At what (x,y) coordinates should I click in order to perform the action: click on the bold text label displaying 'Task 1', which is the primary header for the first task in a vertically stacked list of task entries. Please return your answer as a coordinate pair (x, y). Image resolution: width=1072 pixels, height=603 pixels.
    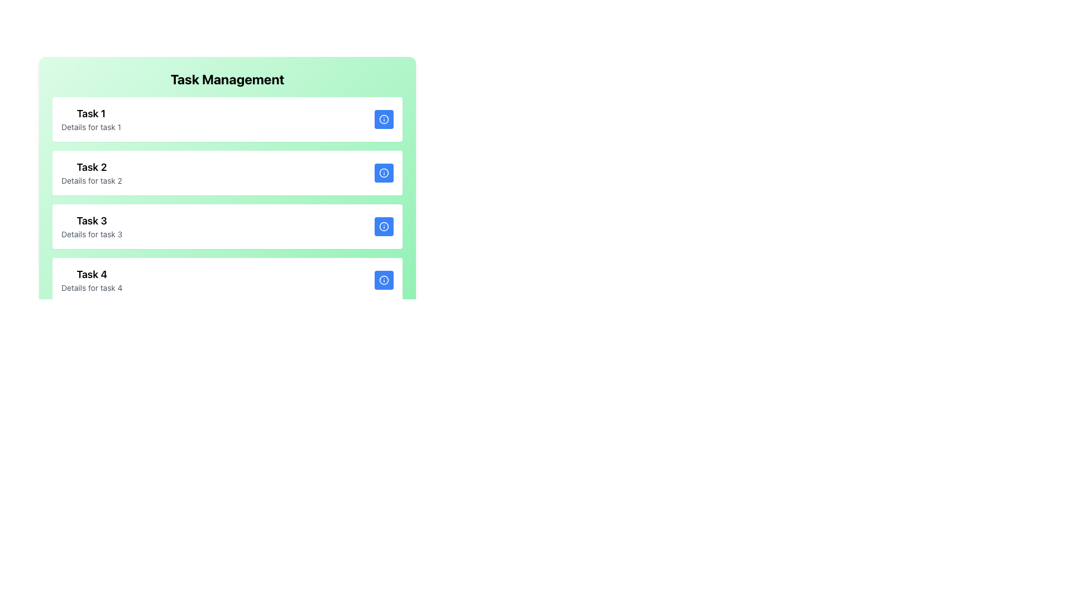
    Looking at the image, I should click on (91, 114).